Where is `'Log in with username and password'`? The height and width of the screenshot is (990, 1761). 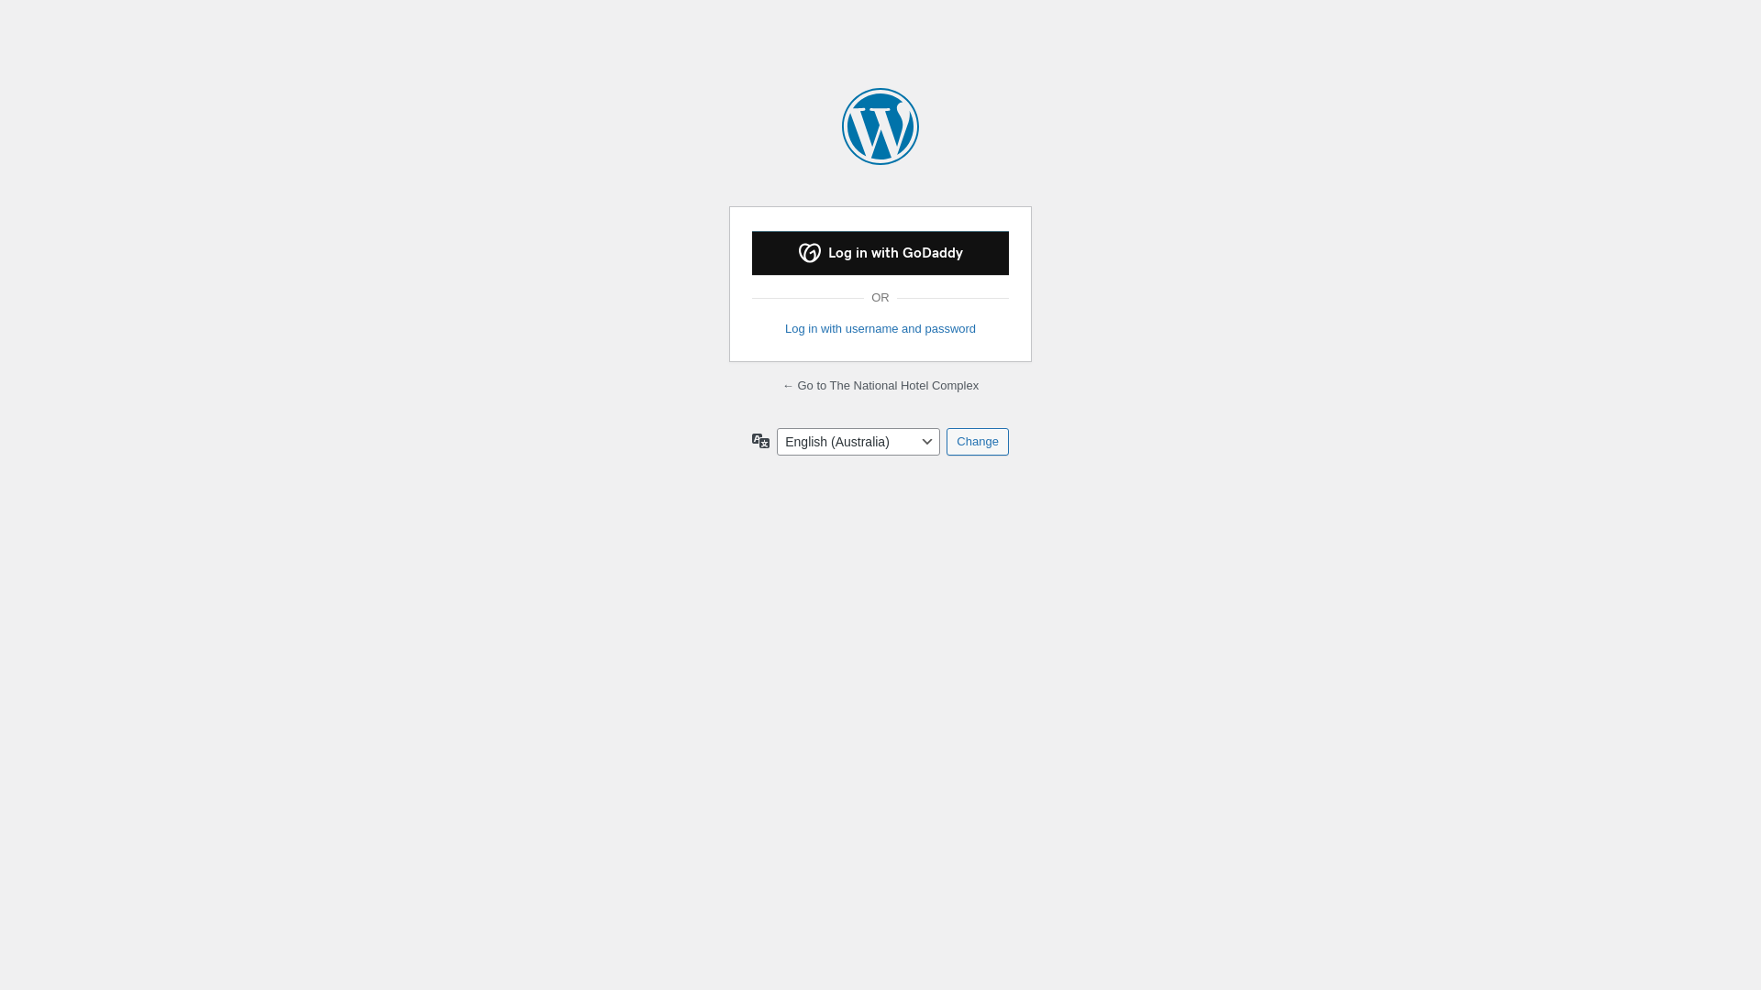 'Log in with username and password' is located at coordinates (880, 327).